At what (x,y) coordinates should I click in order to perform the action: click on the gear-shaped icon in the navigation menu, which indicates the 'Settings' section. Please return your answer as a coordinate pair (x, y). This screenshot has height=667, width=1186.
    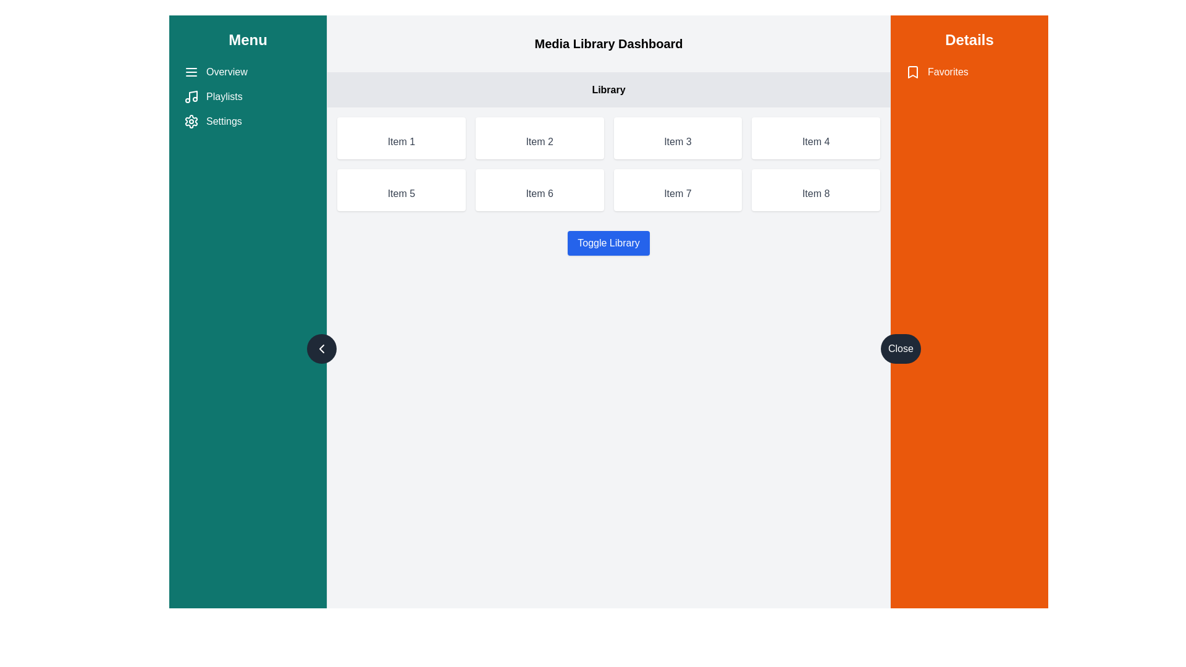
    Looking at the image, I should click on (191, 121).